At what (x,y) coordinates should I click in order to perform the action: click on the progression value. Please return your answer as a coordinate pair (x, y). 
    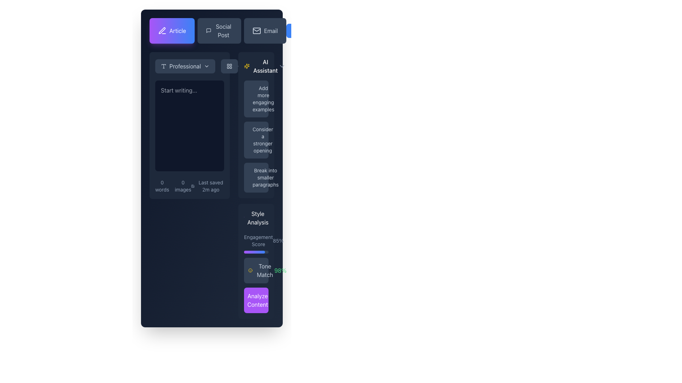
    Looking at the image, I should click on (250, 251).